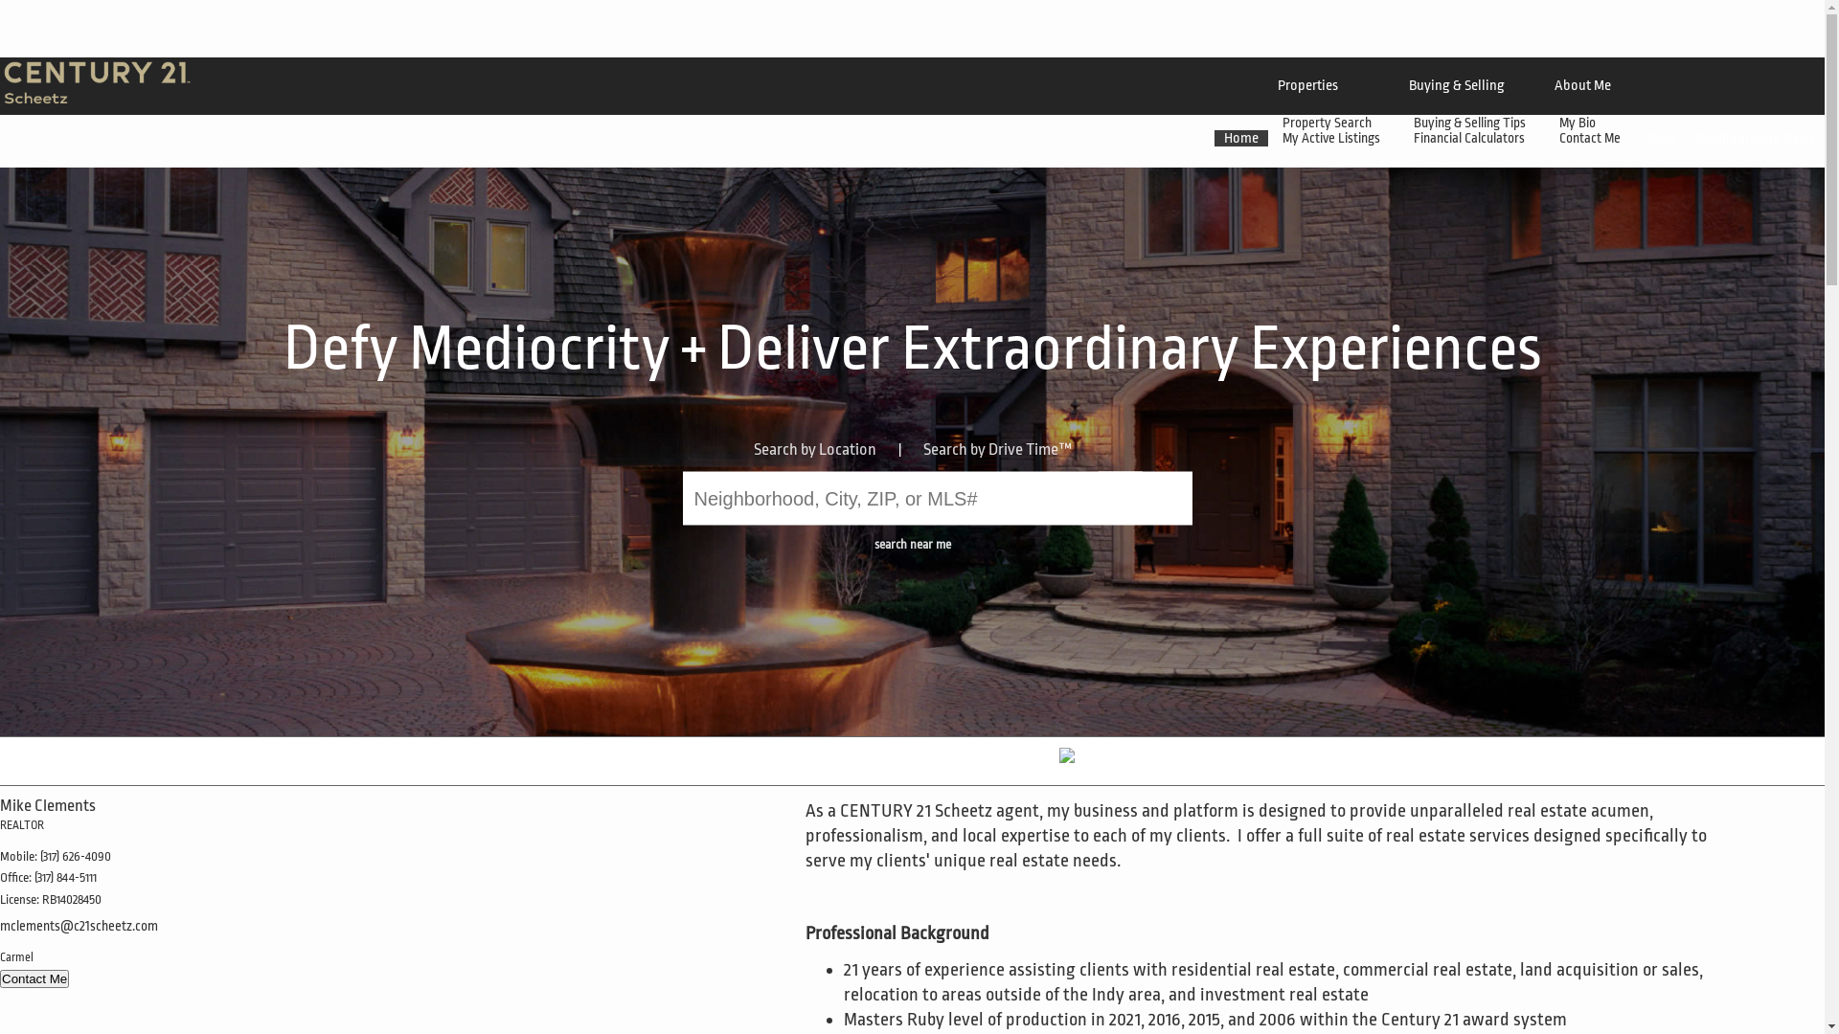  Describe the element at coordinates (1332, 136) in the screenshot. I see `'My Active Listings'` at that location.